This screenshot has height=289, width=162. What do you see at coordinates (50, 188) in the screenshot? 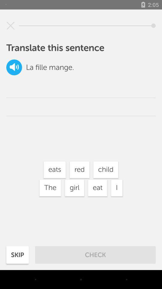
I see `button left to girl at bottom` at bounding box center [50, 188].